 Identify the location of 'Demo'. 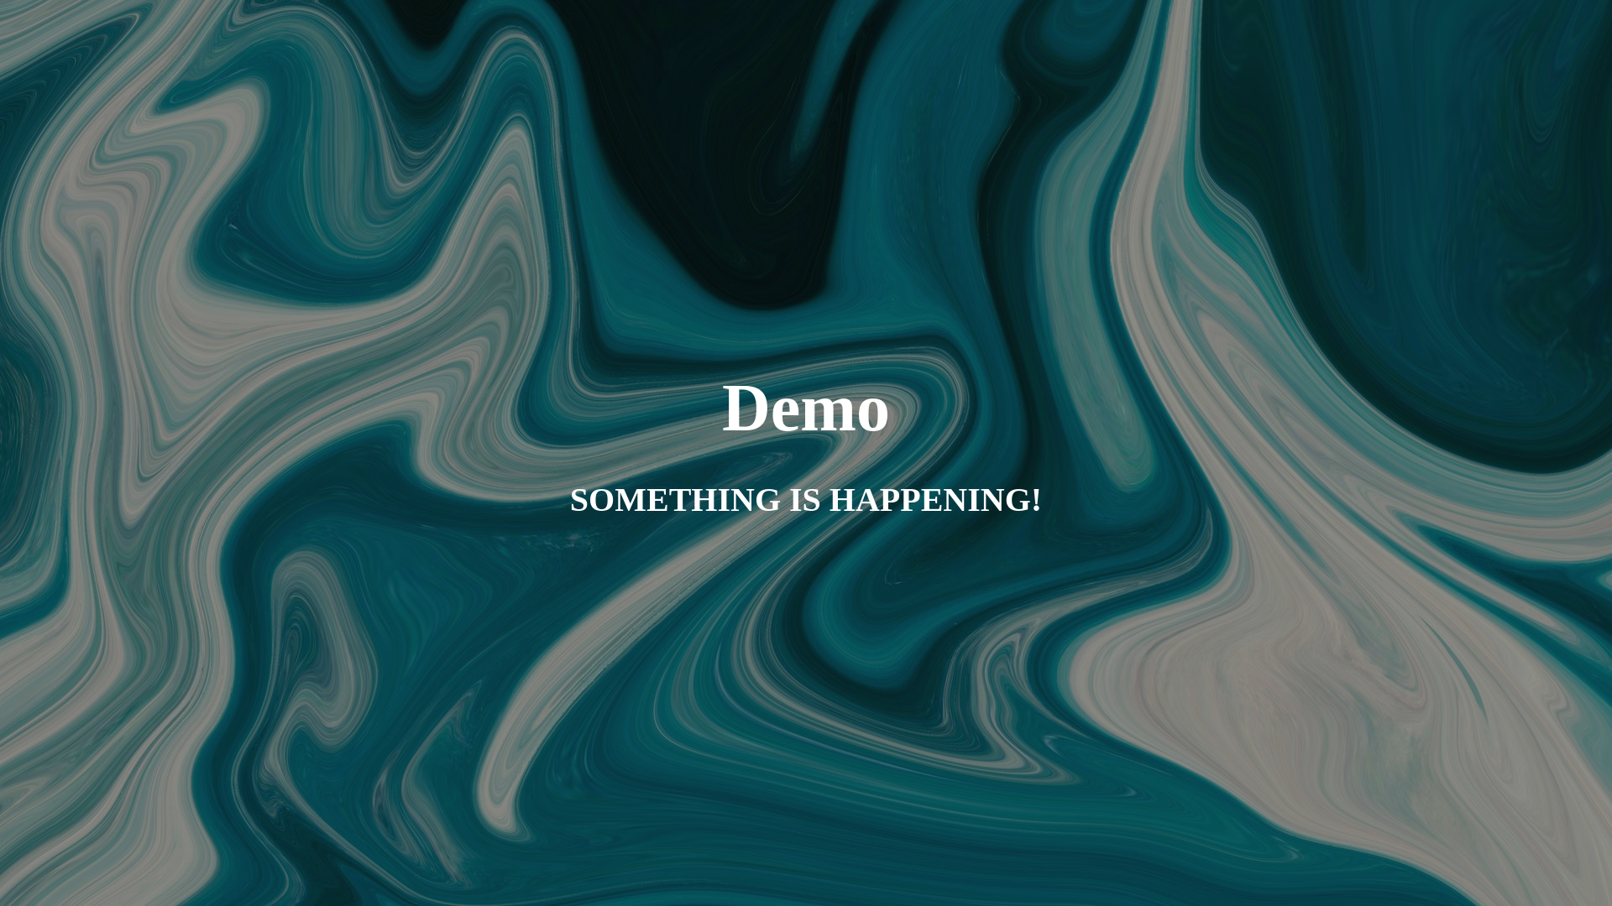
(806, 418).